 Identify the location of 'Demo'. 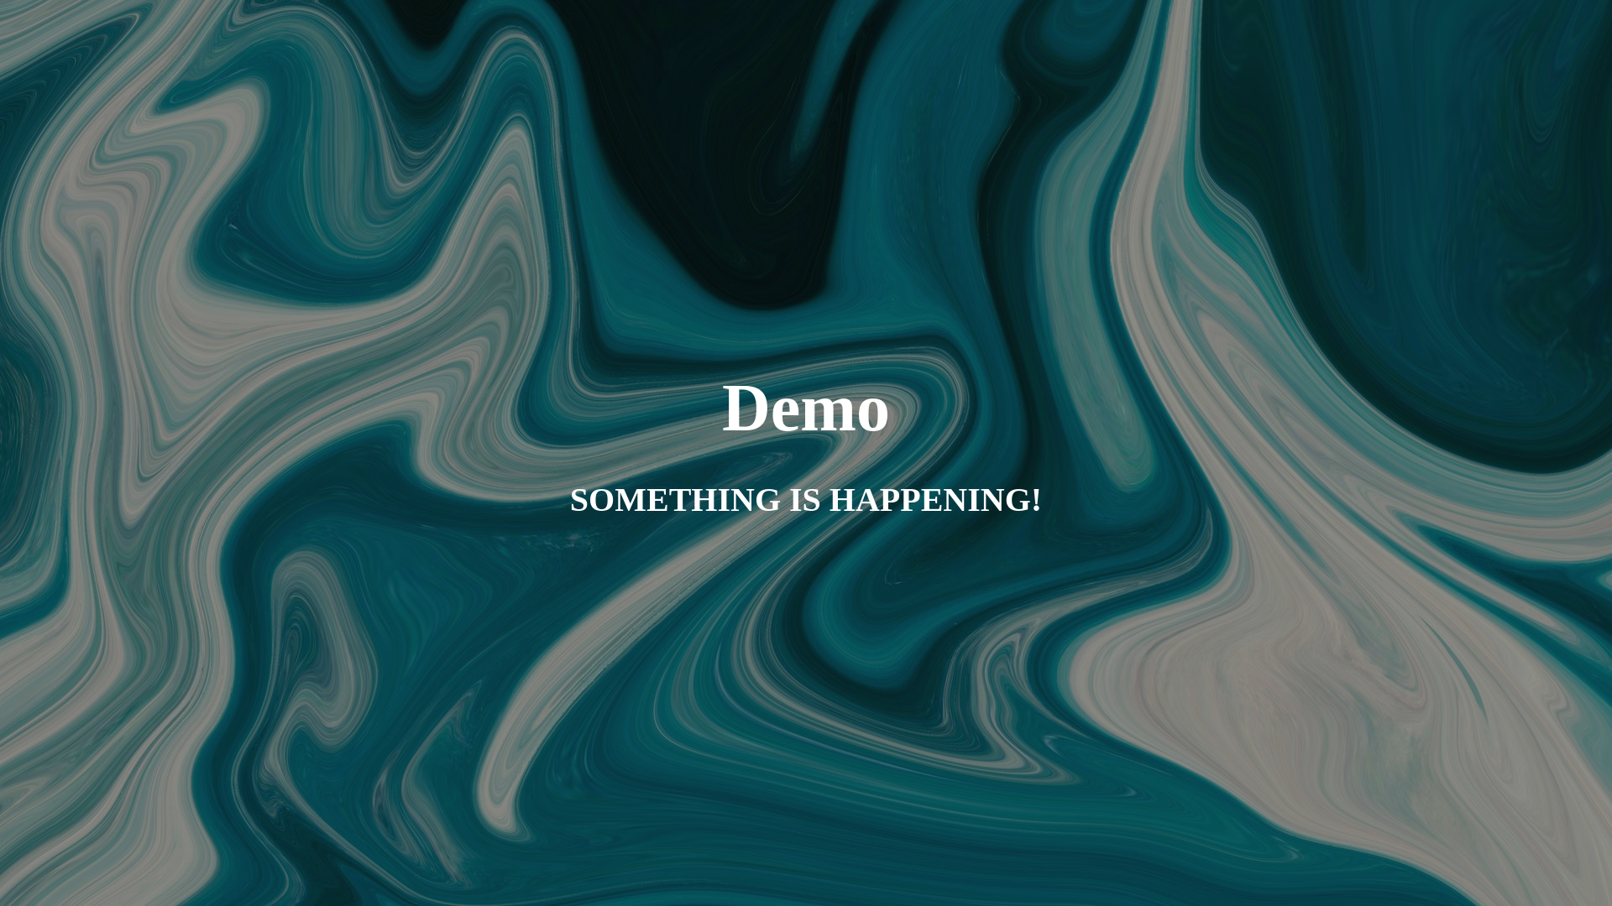
(806, 418).